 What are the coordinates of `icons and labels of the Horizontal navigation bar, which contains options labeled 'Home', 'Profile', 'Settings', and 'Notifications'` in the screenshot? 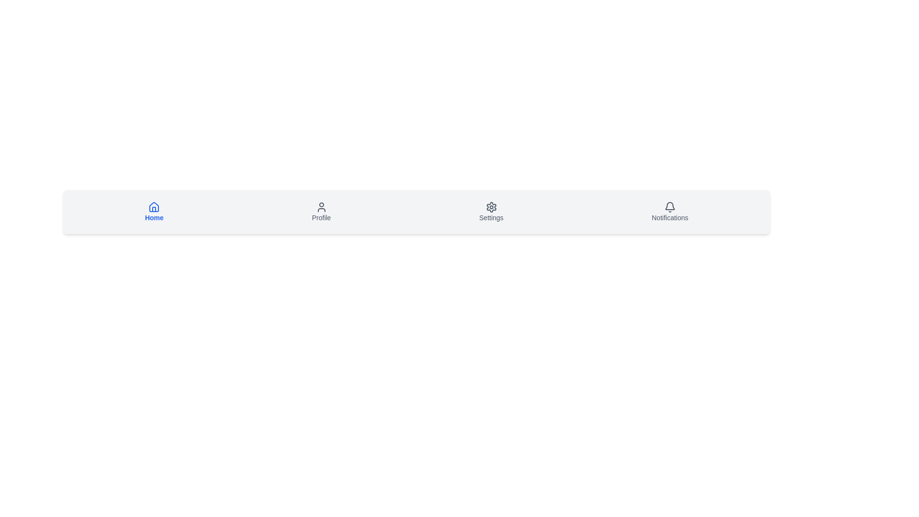 It's located at (416, 212).